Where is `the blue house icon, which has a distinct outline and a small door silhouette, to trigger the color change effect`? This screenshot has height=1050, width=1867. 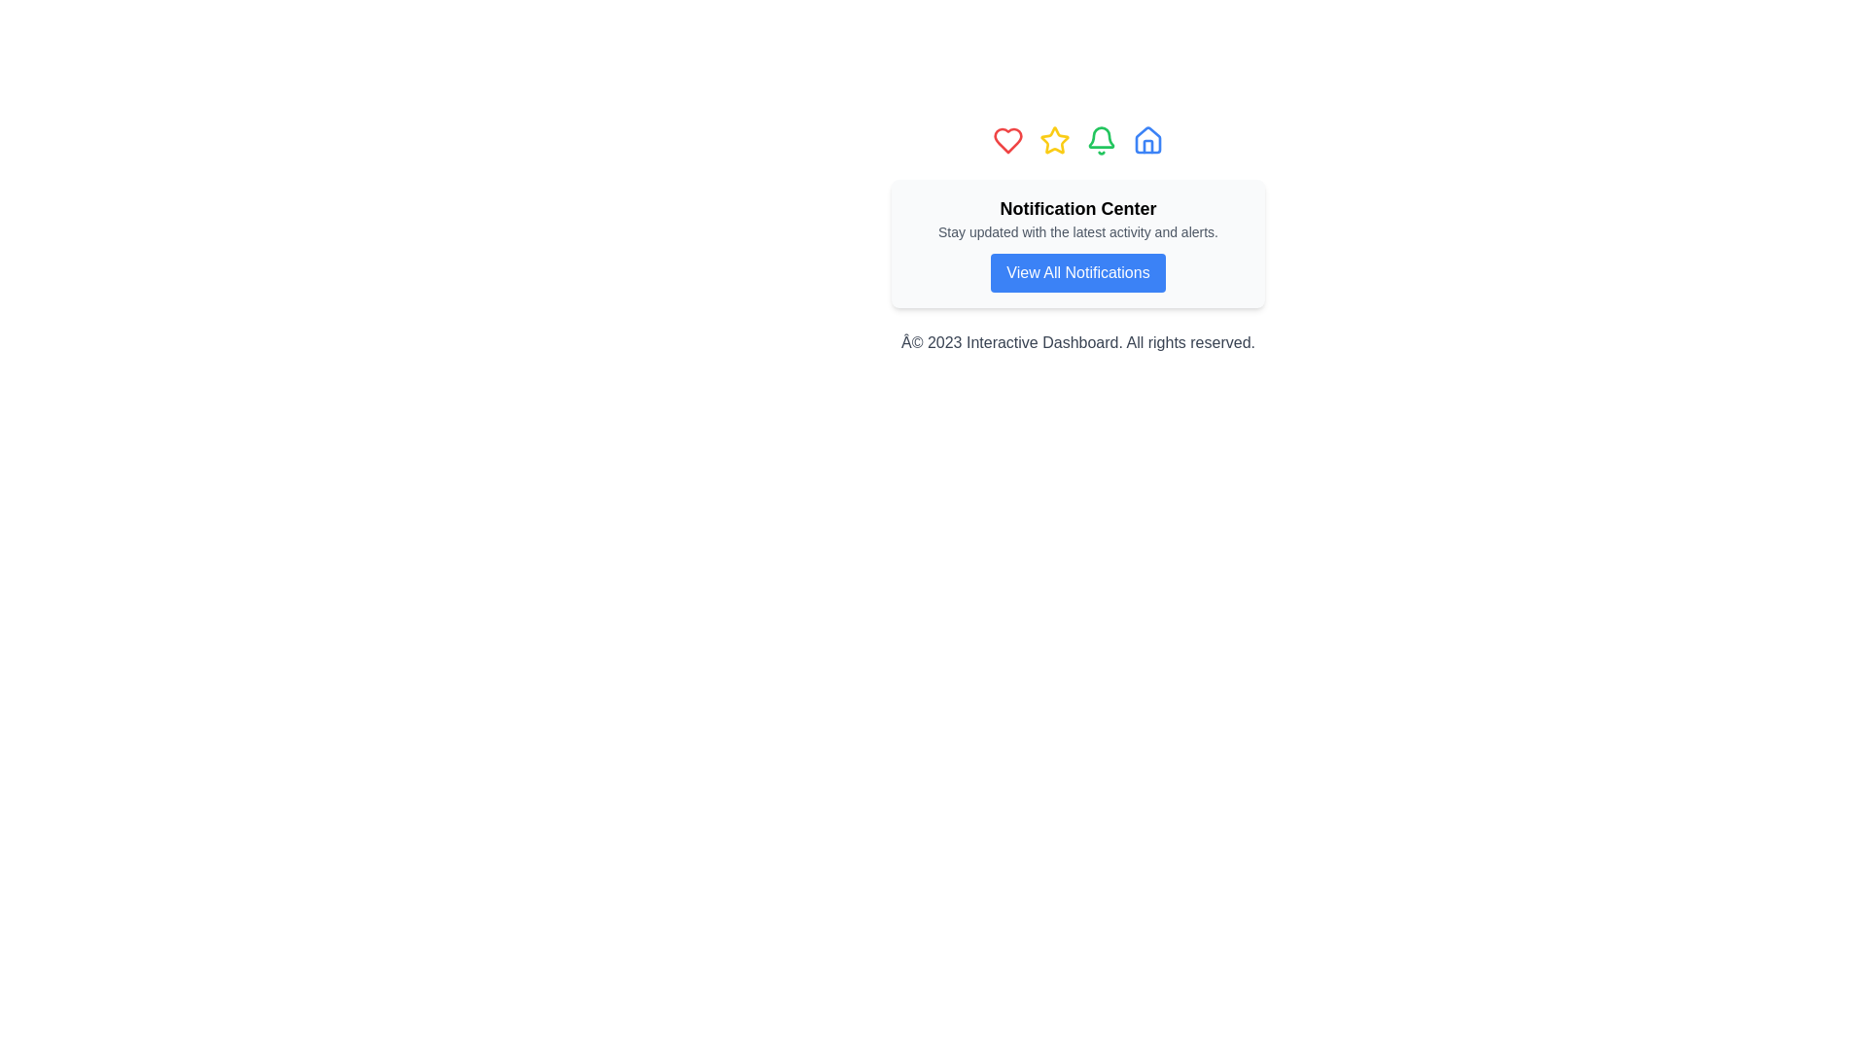
the blue house icon, which has a distinct outline and a small door silhouette, to trigger the color change effect is located at coordinates (1147, 140).